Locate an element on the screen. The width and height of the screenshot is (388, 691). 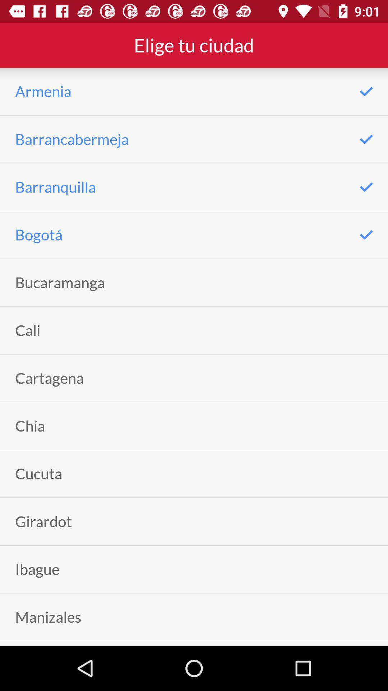
the bucaramanga is located at coordinates (59, 282).